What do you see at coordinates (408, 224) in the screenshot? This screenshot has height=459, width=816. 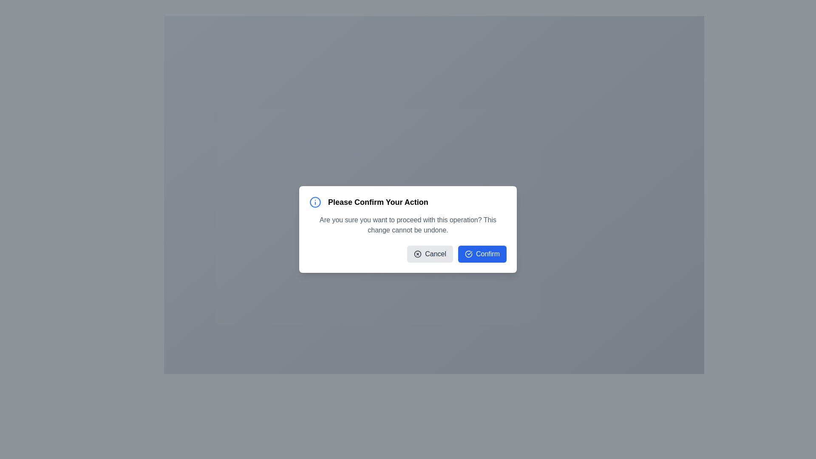 I see `the warning text content in the confirmation dialog box that informs the user about the irreversible nature of the action they are about to confirm` at bounding box center [408, 224].